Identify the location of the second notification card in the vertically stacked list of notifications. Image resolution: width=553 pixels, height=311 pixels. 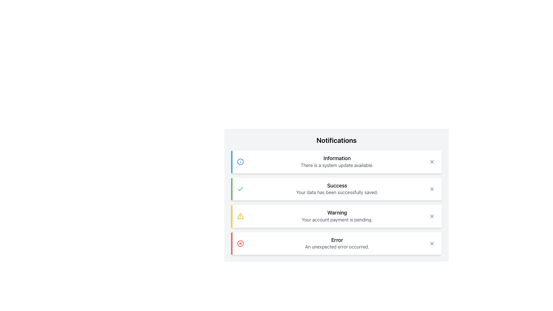
(336, 193).